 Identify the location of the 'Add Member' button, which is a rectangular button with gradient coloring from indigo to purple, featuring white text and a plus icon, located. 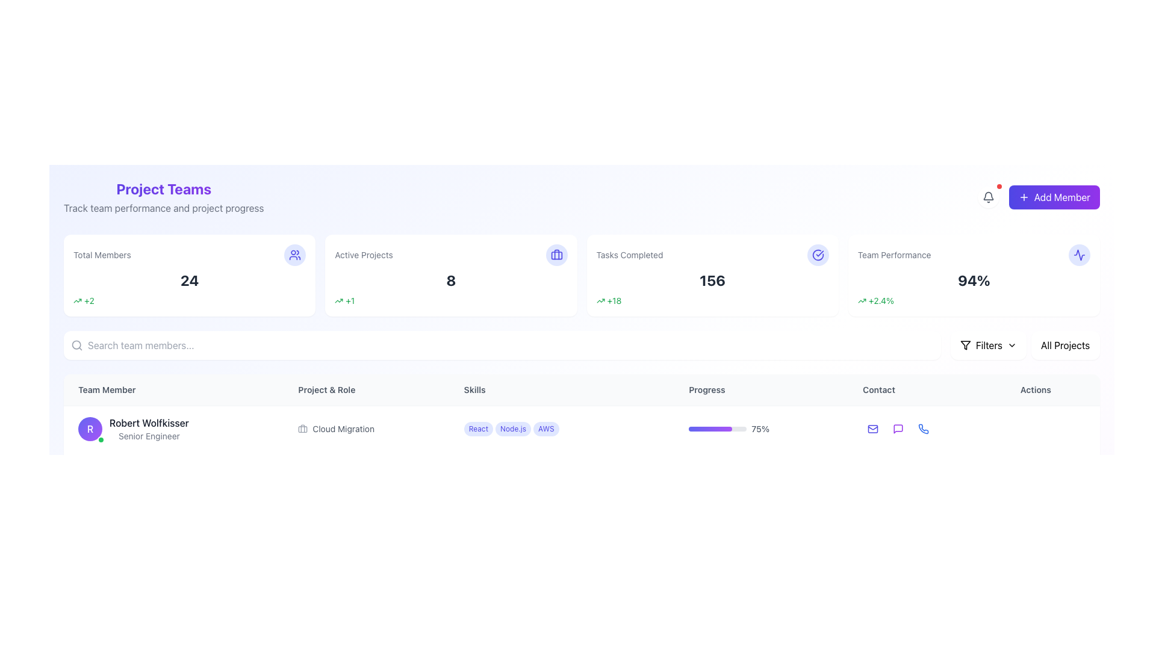
(1038, 196).